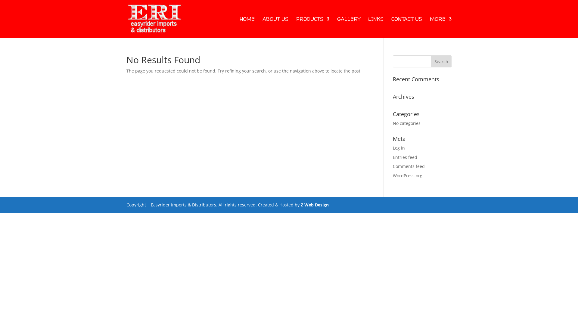  I want to click on 'PRODUCTS', so click(312, 27).